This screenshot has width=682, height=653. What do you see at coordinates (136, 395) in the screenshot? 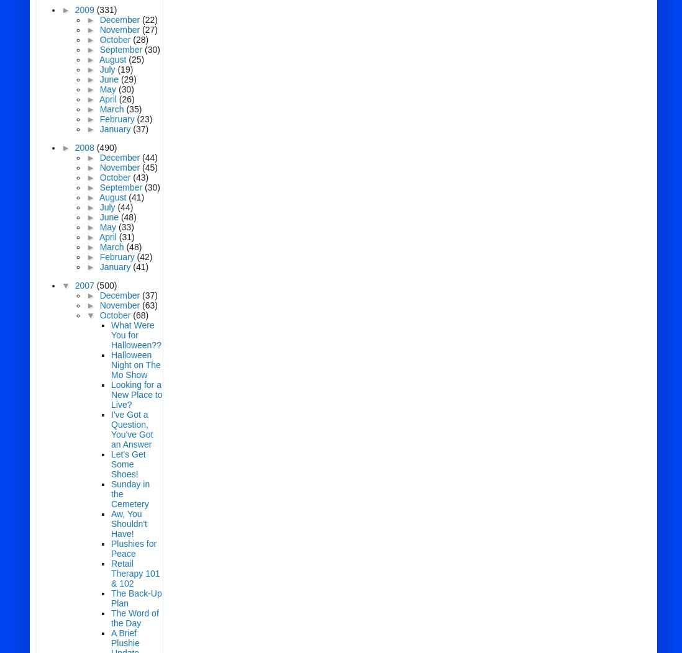
I see `'Looking for a New Place to Live?'` at bounding box center [136, 395].